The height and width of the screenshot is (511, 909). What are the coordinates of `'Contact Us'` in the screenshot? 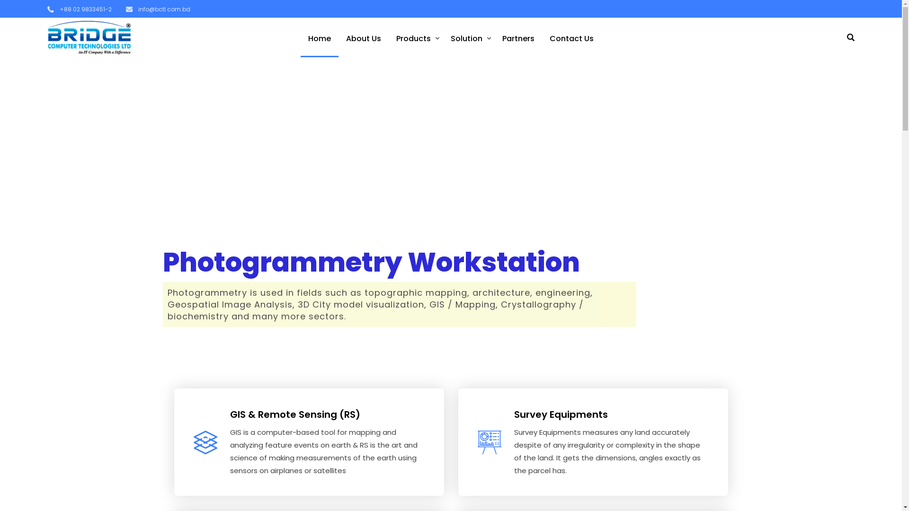 It's located at (571, 37).